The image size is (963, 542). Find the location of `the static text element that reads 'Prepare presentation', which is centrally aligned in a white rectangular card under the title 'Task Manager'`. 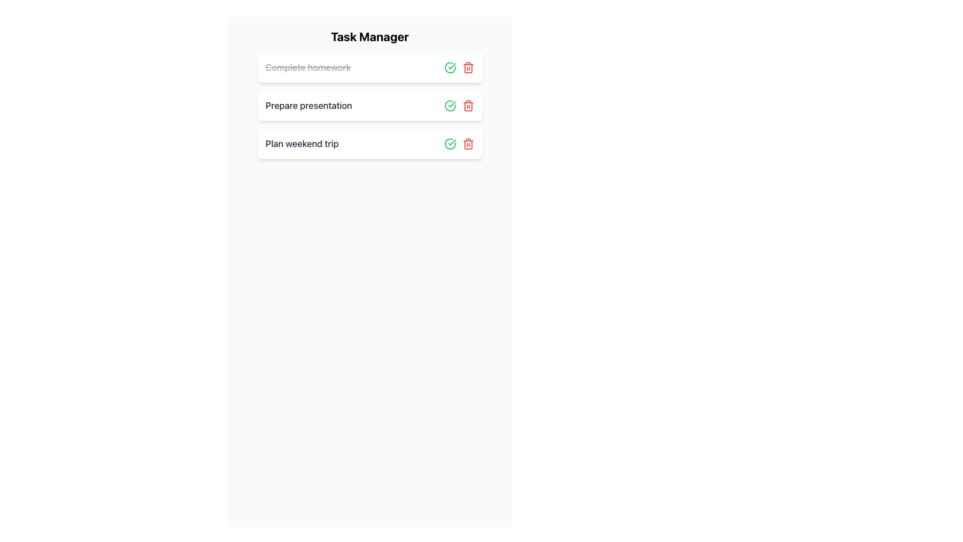

the static text element that reads 'Prepare presentation', which is centrally aligned in a white rectangular card under the title 'Task Manager' is located at coordinates (308, 105).